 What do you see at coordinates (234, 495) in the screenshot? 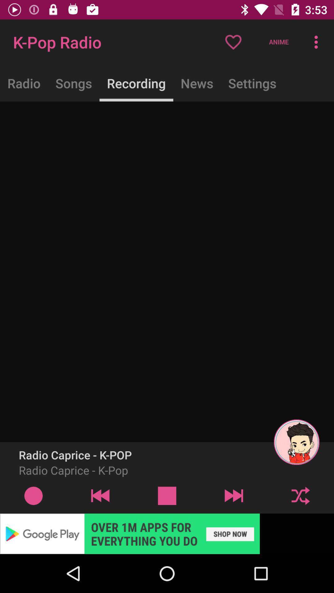
I see `next play` at bounding box center [234, 495].